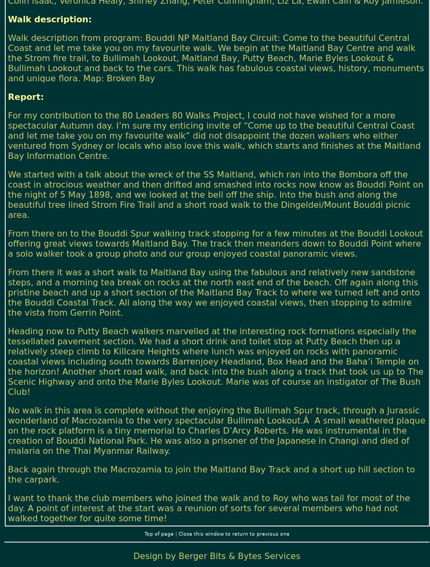  I want to click on 'Design by Berger Bits & Bytes Services', so click(216, 555).